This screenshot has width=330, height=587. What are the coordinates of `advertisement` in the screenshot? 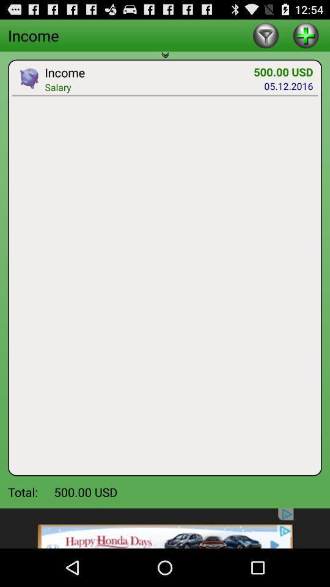 It's located at (165, 528).